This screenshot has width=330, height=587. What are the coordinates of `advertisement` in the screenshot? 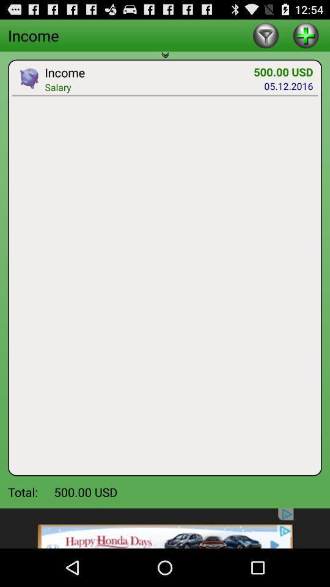 It's located at (165, 528).